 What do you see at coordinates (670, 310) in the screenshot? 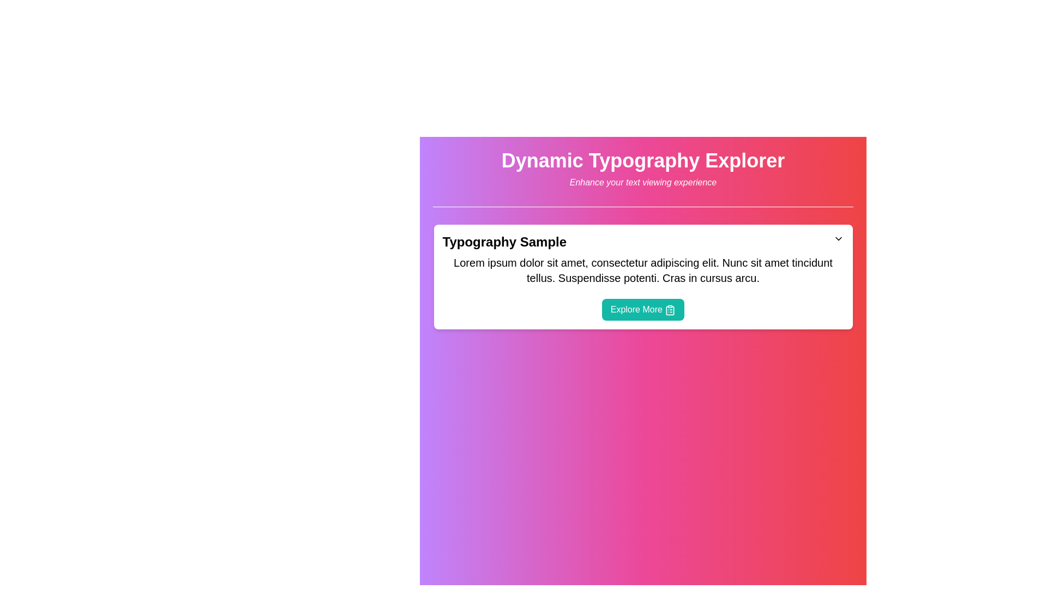
I see `SVG properties of the decorative vector graphic representing the clipboard icon located inside the 'Explore More' button` at bounding box center [670, 310].